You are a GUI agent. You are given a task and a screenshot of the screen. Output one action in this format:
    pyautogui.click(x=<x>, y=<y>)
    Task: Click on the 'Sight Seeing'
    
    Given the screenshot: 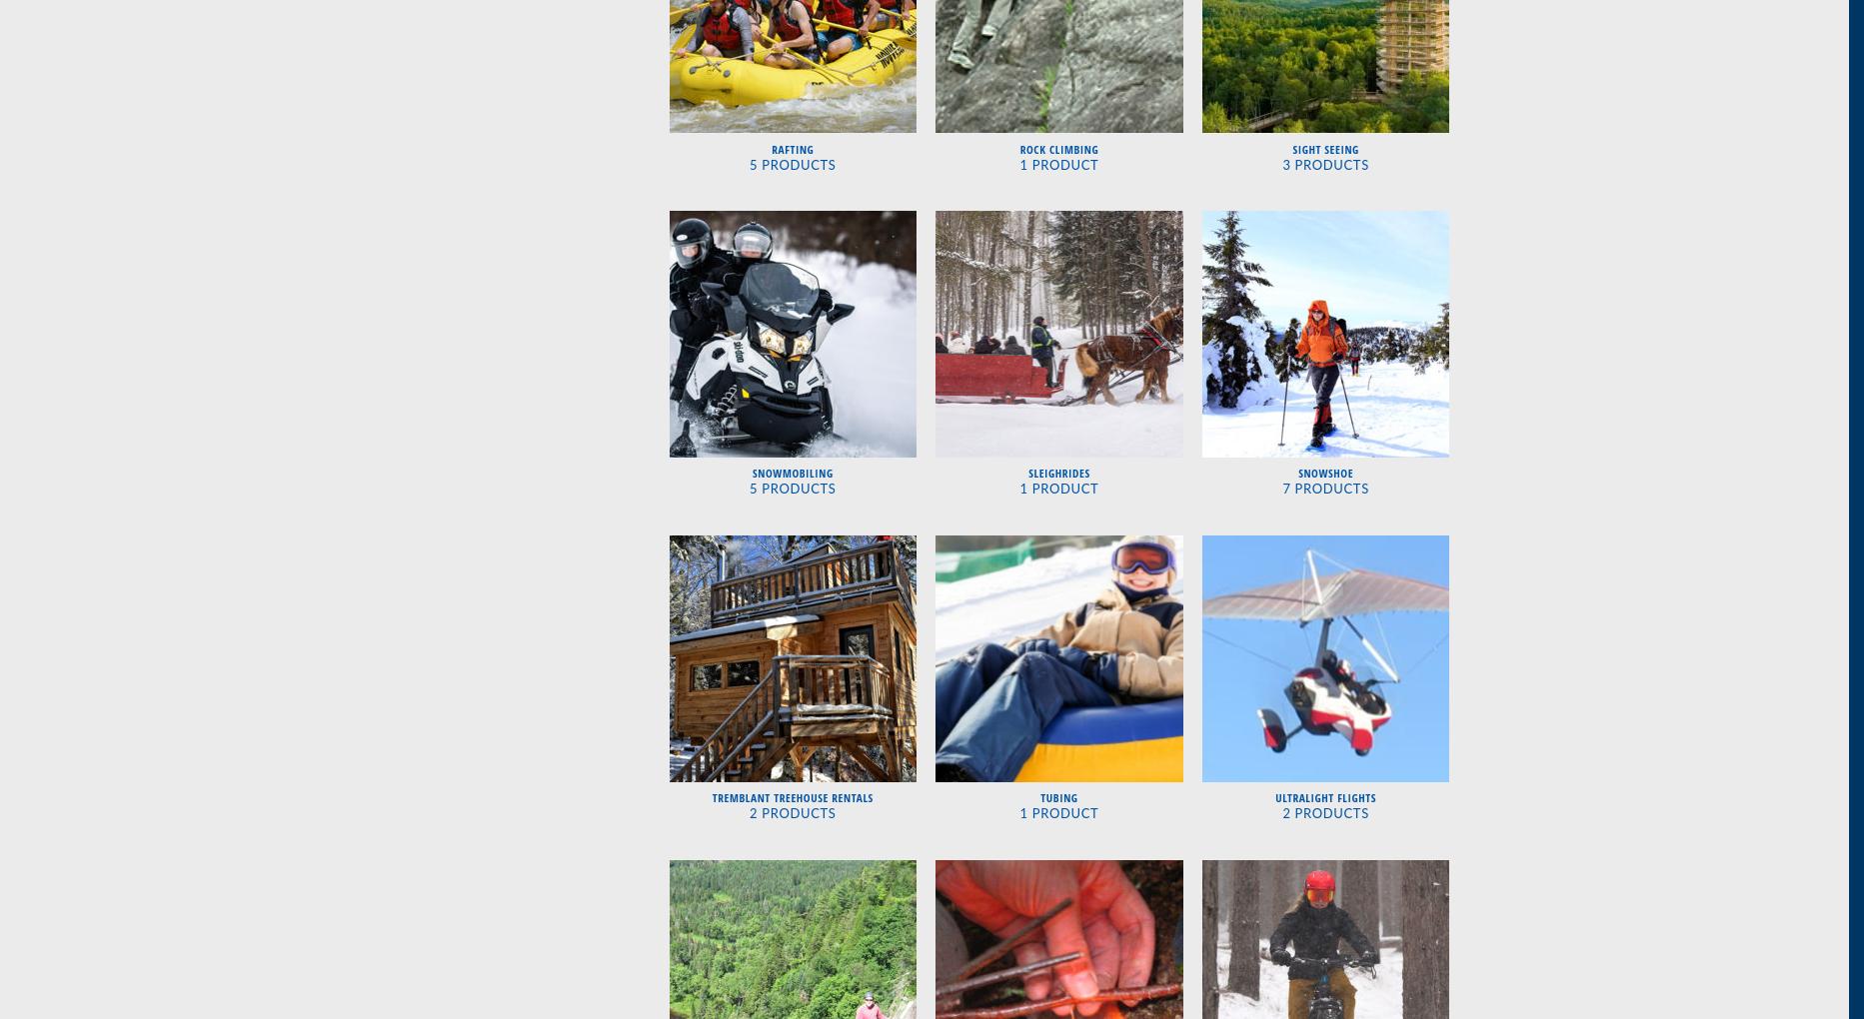 What is the action you would take?
    pyautogui.click(x=1324, y=148)
    